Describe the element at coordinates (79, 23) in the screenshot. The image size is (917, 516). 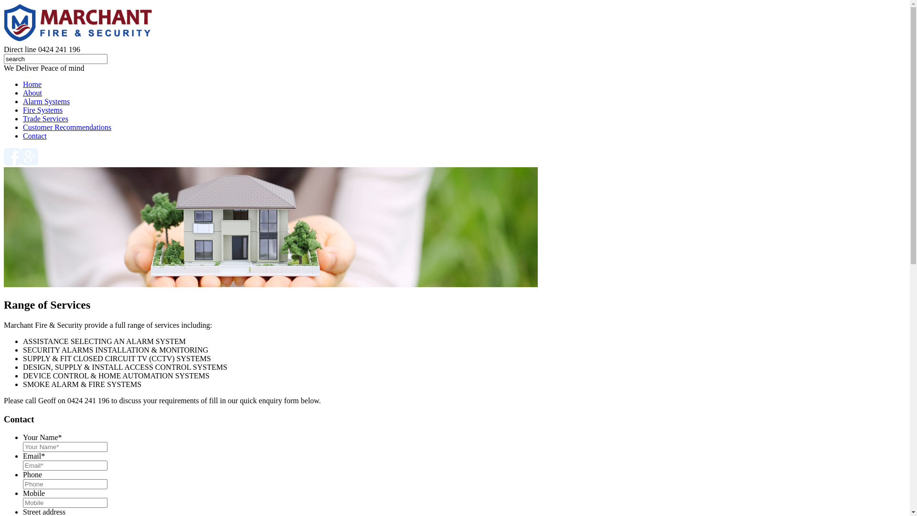
I see `'Marchant Fire & Security'` at that location.